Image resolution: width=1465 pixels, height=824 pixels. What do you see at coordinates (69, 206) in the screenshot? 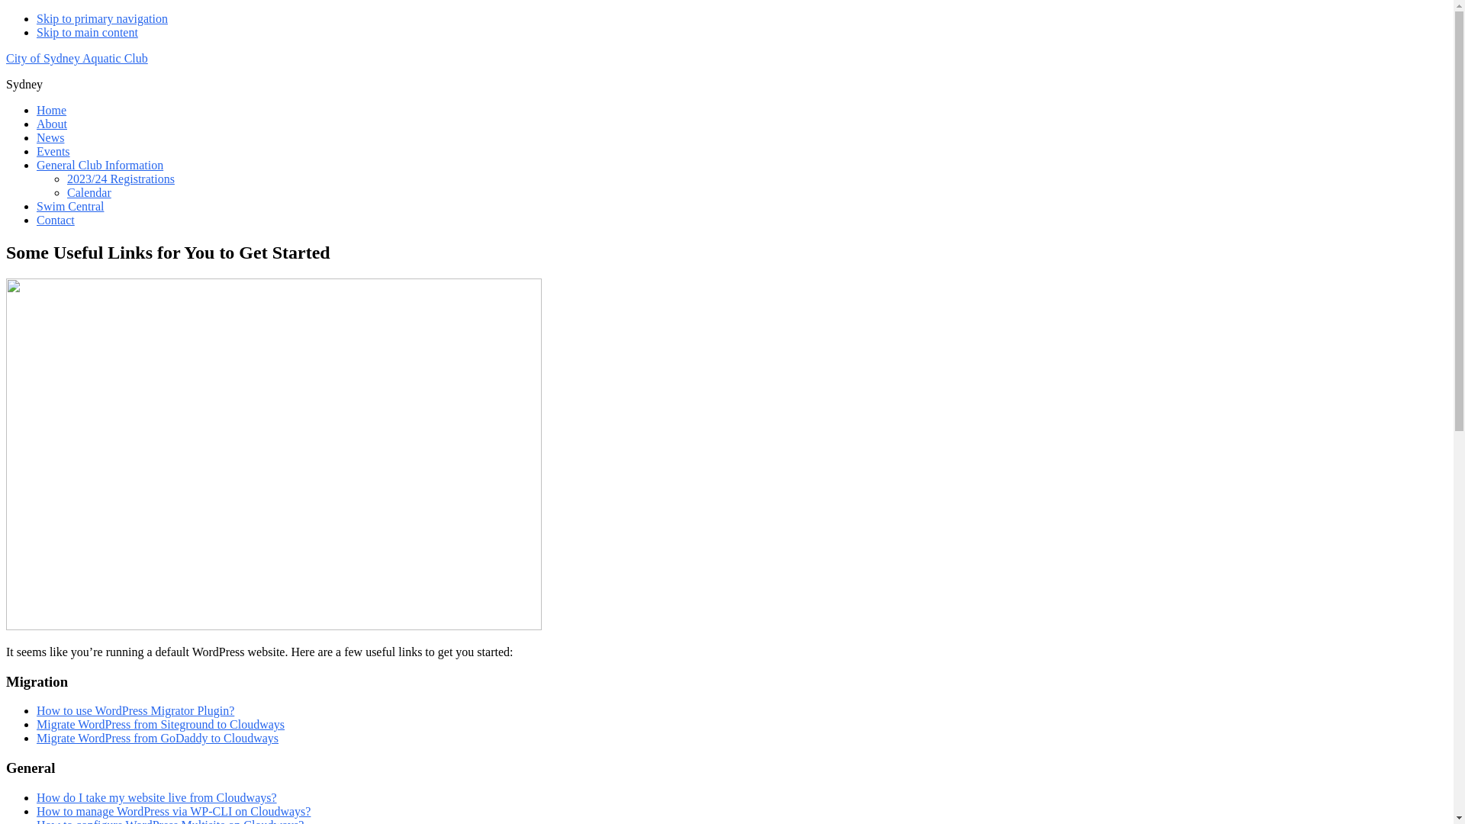
I see `'Swim Central'` at bounding box center [69, 206].